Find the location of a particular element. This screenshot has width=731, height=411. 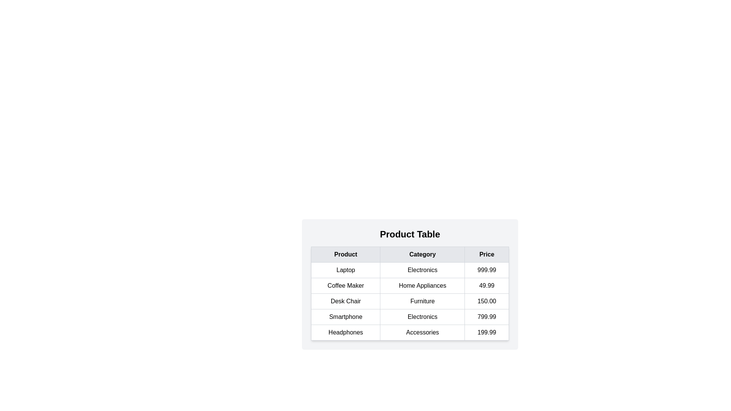

the text label displaying the product name located in the 'Product' column of the second row in the table is located at coordinates (345, 286).